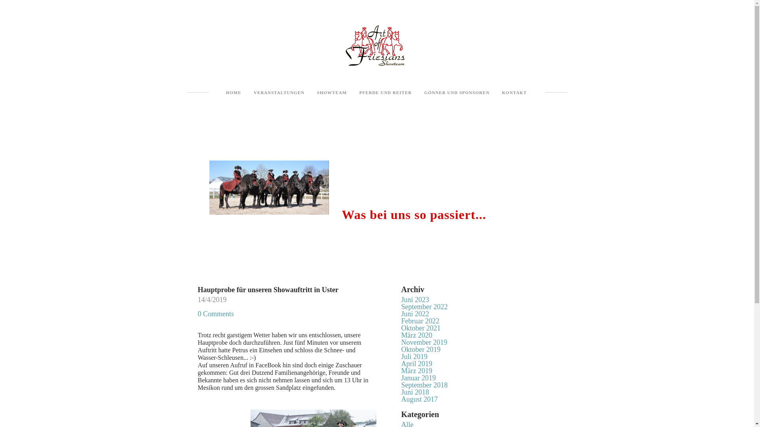  What do you see at coordinates (424, 385) in the screenshot?
I see `'September 2018'` at bounding box center [424, 385].